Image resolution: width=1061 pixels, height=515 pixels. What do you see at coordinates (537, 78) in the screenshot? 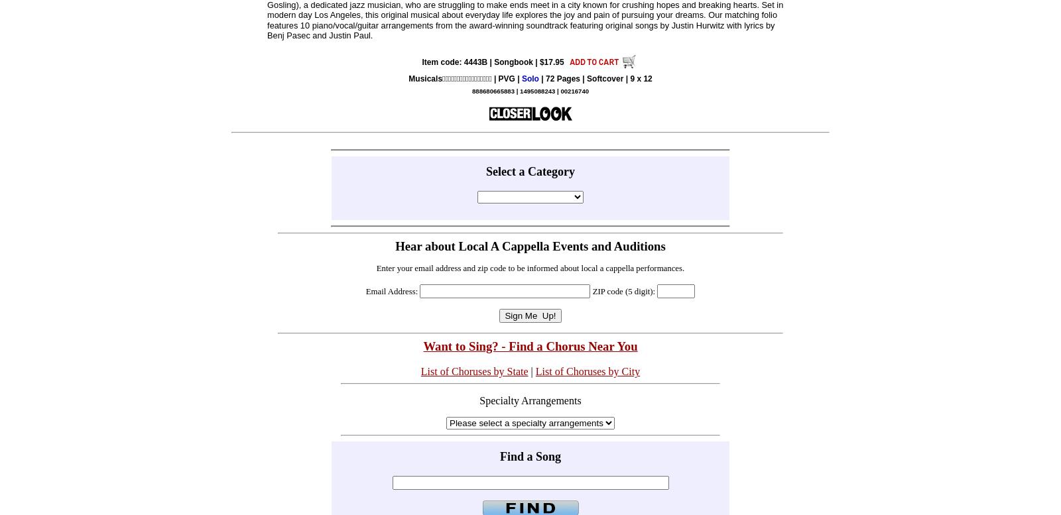
I see `'| 72 Pages | Softcover | 9 x 12'` at bounding box center [537, 78].